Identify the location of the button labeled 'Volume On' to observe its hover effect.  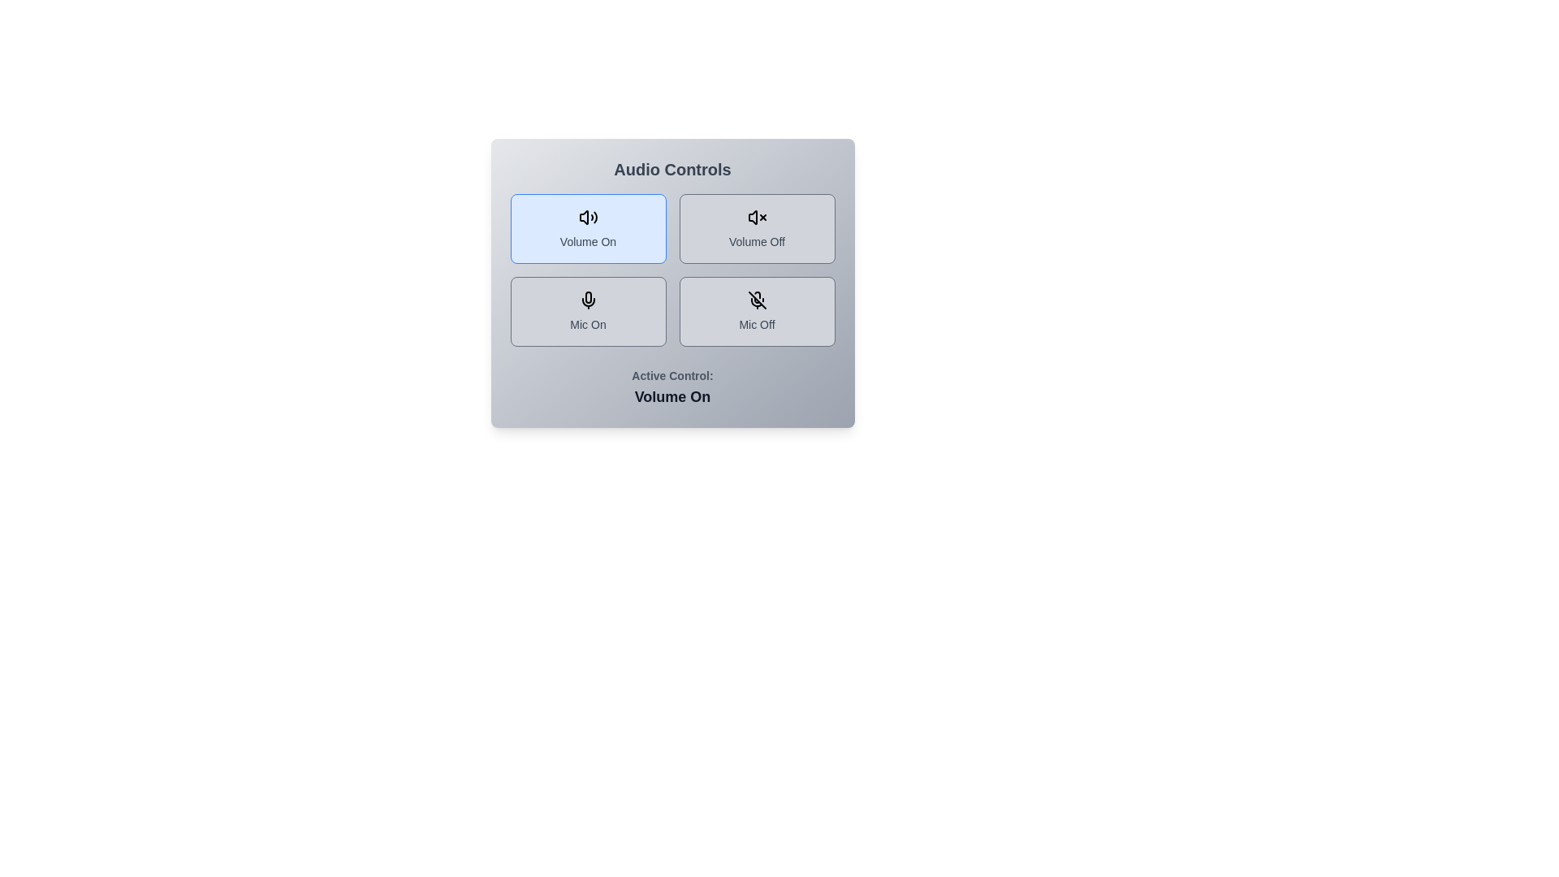
(587, 228).